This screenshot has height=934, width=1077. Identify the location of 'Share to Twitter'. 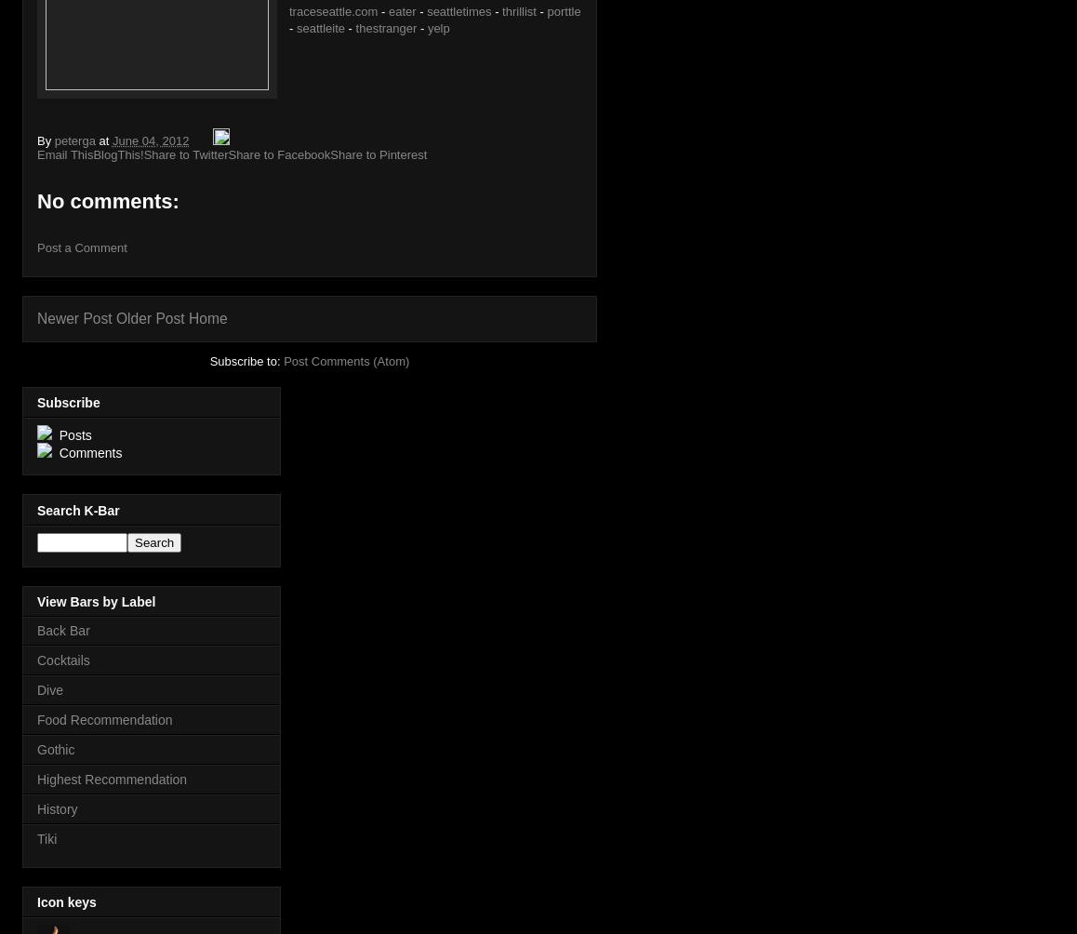
(185, 153).